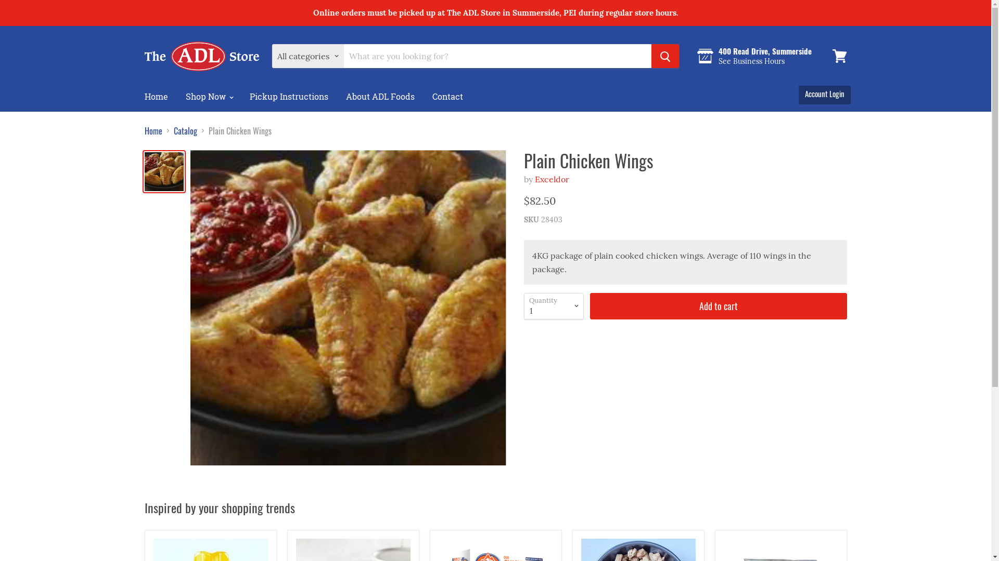  I want to click on 'Home', so click(155, 96).